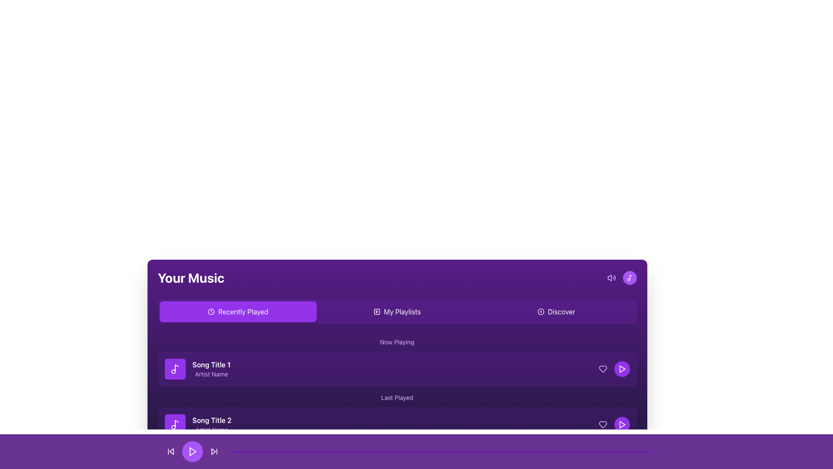 The image size is (833, 469). I want to click on the musical note icon located in the 'Your Music' section, specifically in the second item of the list, as a visual cue, so click(174, 424).